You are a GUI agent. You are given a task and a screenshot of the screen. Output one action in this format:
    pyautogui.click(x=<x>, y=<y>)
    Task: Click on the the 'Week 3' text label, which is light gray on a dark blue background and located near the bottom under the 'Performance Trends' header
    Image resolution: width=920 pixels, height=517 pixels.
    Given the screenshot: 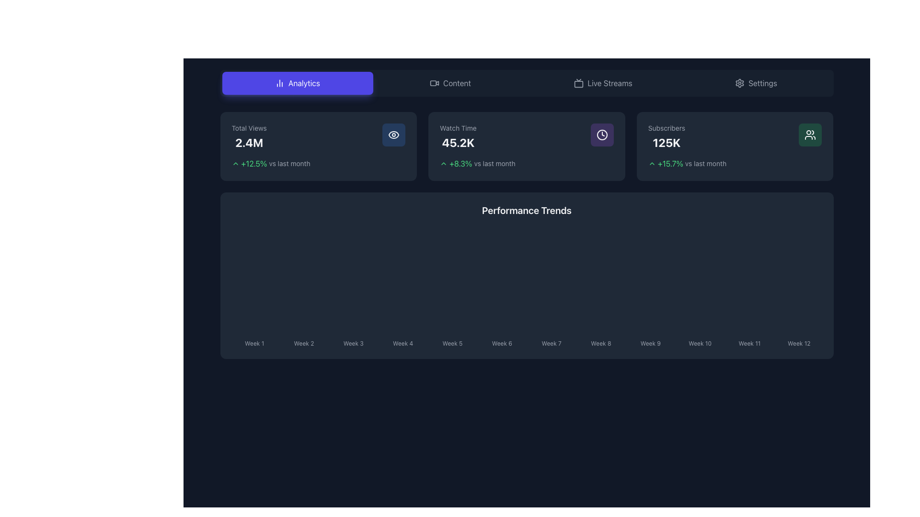 What is the action you would take?
    pyautogui.click(x=353, y=343)
    